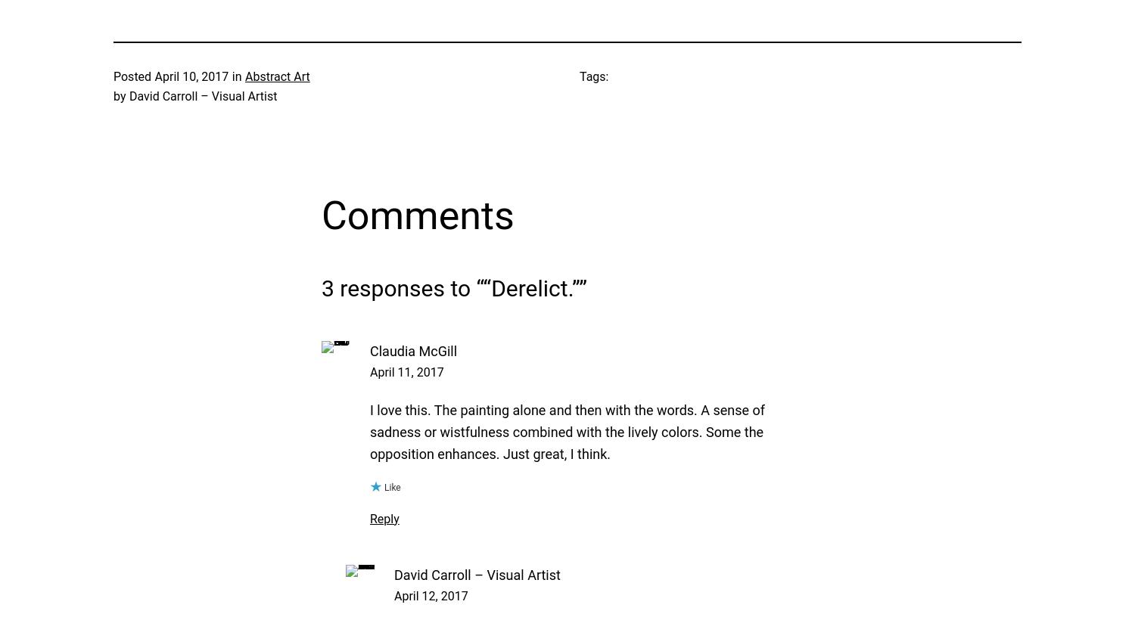  I want to click on '3 responses to ““Derelict.””', so click(453, 287).